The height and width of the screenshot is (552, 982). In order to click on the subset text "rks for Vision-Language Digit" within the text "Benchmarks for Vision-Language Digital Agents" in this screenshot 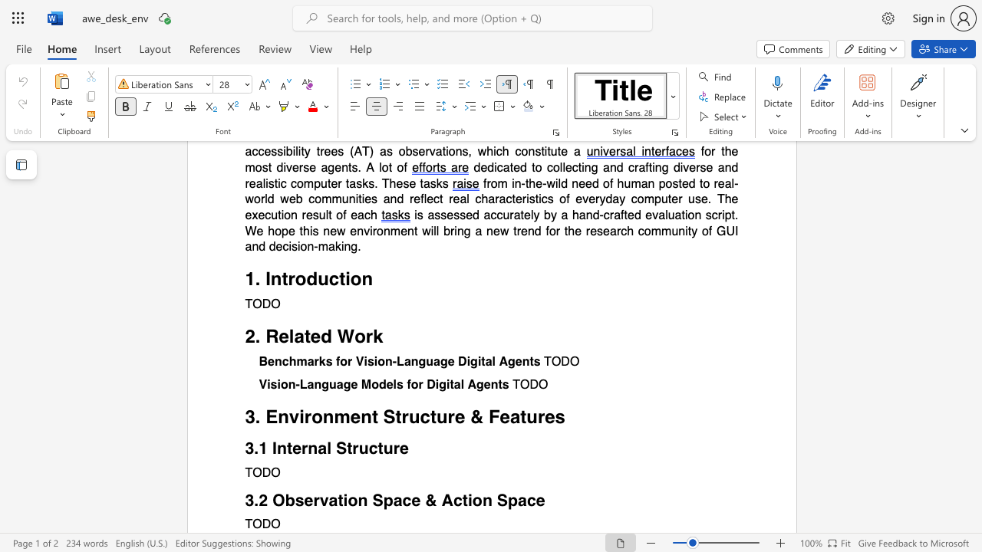, I will do `click(313, 362)`.